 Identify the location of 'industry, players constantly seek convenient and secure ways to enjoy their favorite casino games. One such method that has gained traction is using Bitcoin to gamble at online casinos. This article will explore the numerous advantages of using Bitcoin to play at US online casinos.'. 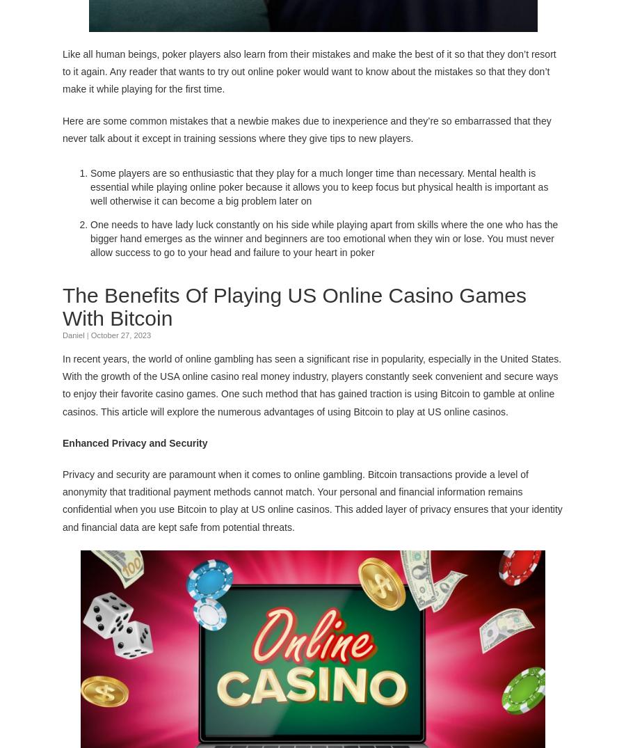
(310, 393).